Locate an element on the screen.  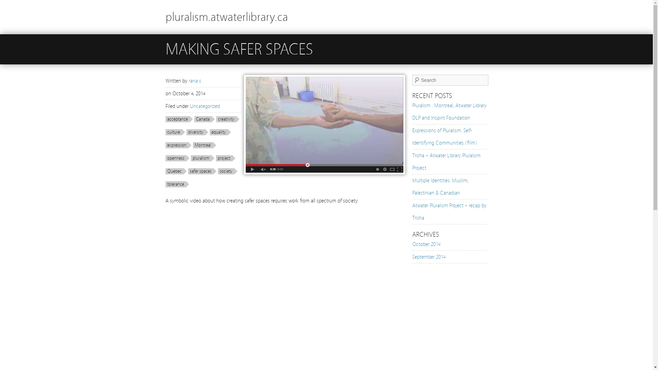
'pluralism.atwaterlibrary.ca' is located at coordinates (226, 16).